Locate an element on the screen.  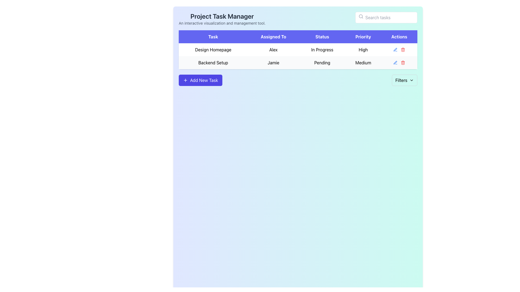
the Text Input box is located at coordinates (386, 17).